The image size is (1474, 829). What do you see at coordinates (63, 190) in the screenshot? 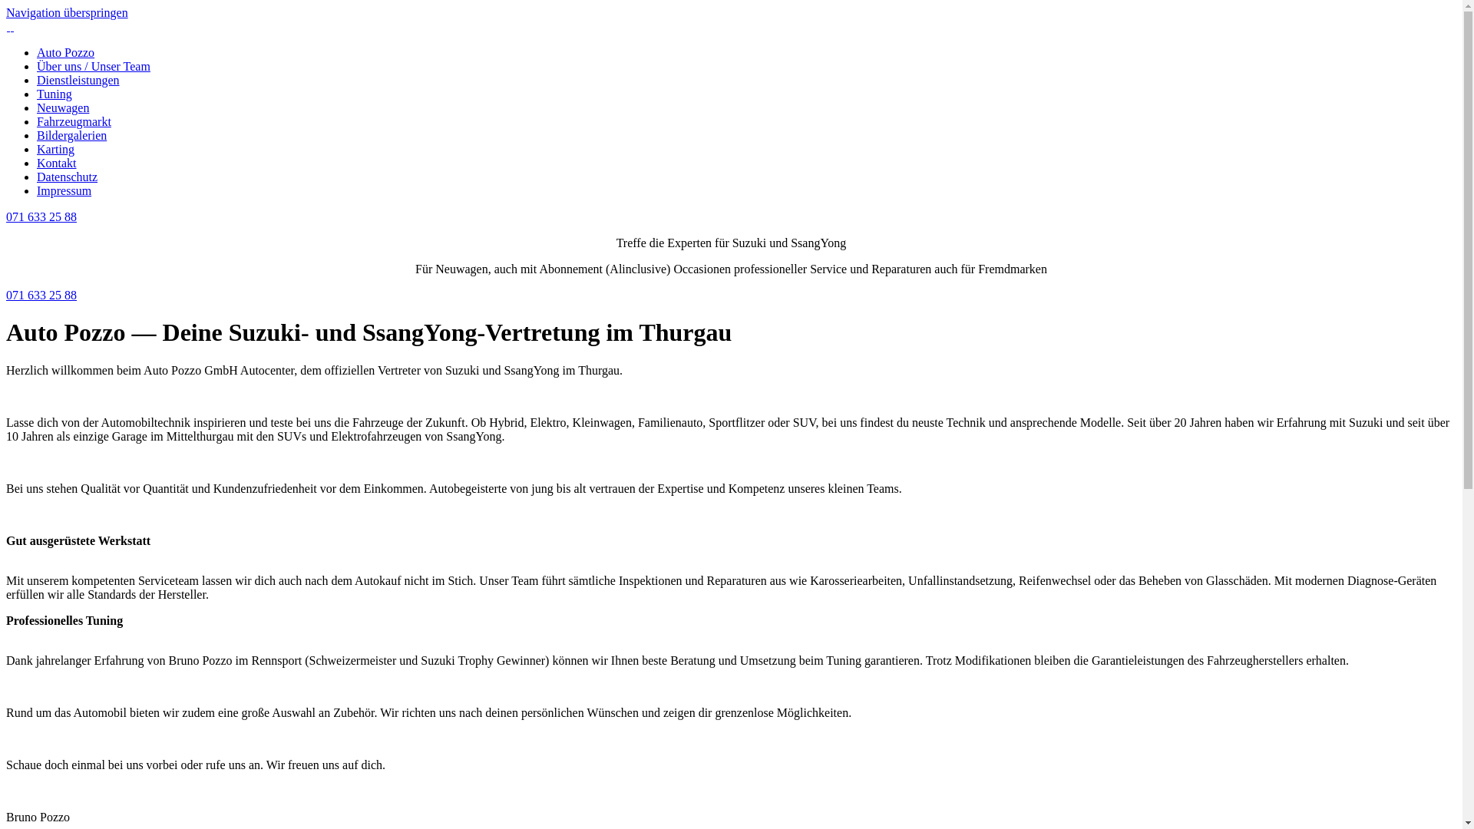
I see `'Impressum'` at bounding box center [63, 190].